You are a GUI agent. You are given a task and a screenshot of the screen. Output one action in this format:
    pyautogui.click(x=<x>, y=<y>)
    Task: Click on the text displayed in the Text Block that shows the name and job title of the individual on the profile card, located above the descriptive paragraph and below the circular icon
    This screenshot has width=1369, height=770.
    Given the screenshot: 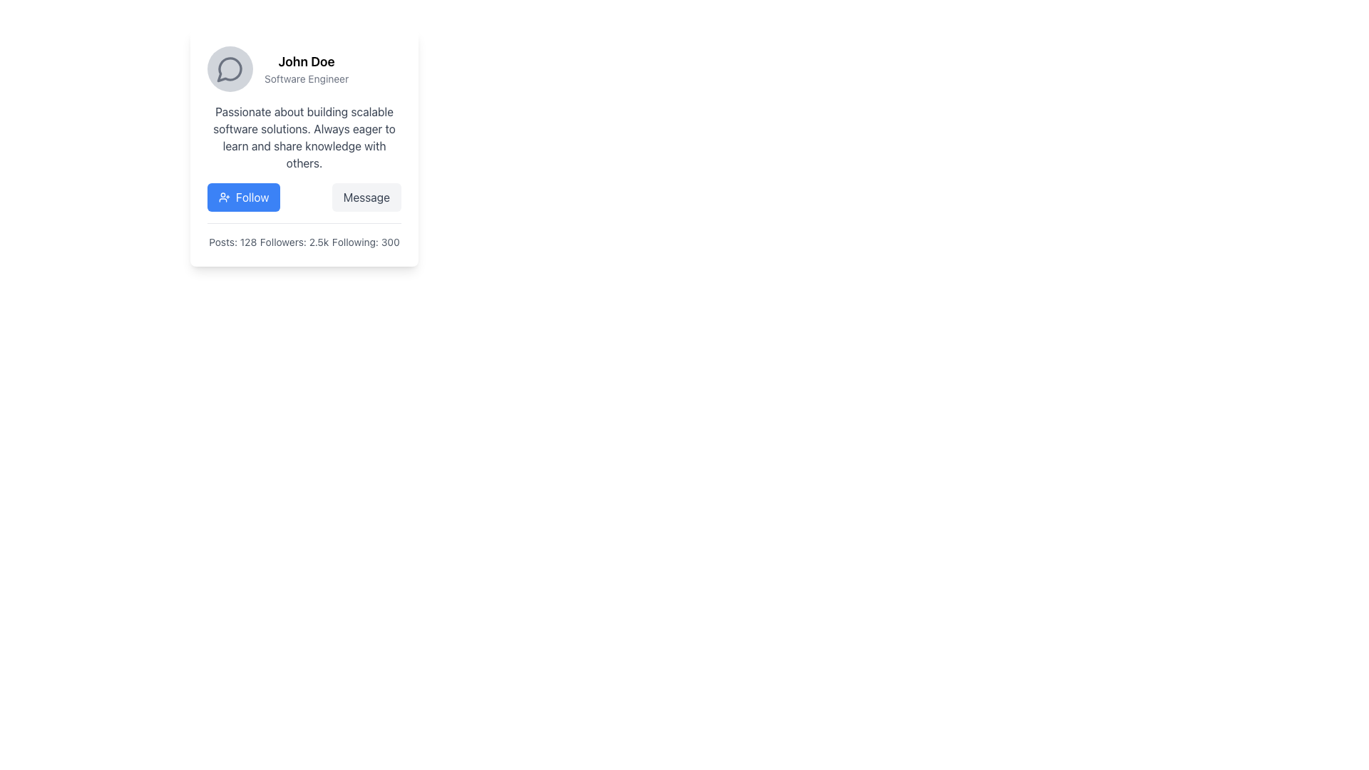 What is the action you would take?
    pyautogui.click(x=306, y=68)
    